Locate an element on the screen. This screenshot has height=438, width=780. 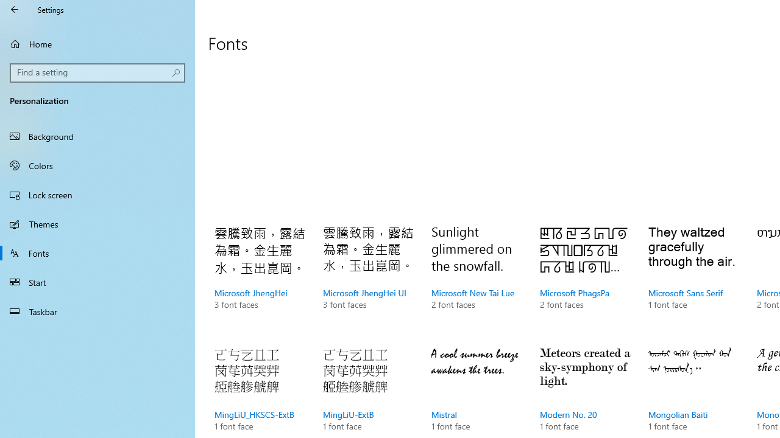
'Colors' is located at coordinates (97, 165).